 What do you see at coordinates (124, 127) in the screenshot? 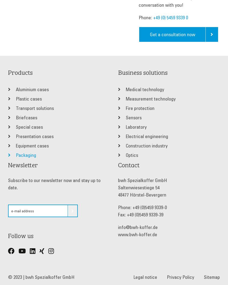
I see `'Laboratory'` at bounding box center [124, 127].